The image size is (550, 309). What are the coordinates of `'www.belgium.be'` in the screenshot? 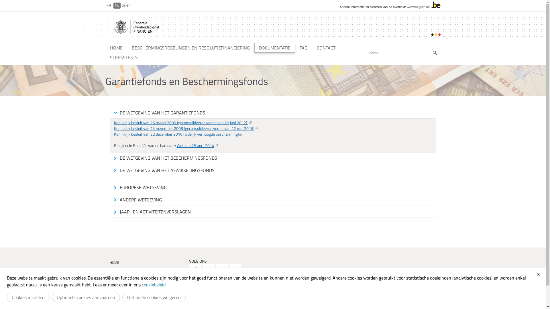 It's located at (418, 7).